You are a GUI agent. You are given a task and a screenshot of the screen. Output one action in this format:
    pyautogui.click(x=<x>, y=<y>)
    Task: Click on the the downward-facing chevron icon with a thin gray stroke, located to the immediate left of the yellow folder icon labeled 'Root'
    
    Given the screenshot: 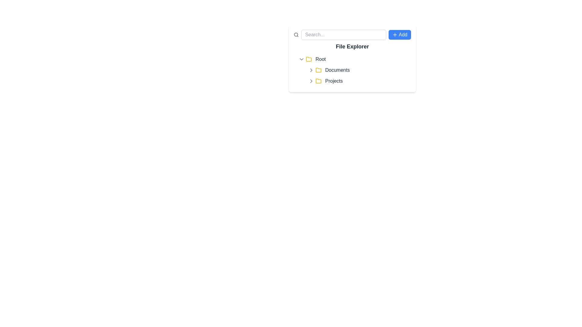 What is the action you would take?
    pyautogui.click(x=301, y=59)
    